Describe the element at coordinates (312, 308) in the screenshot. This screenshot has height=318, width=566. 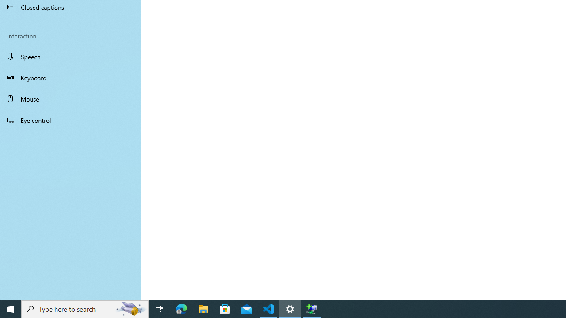
I see `'Extensible Wizards Host Process - 1 running window'` at that location.